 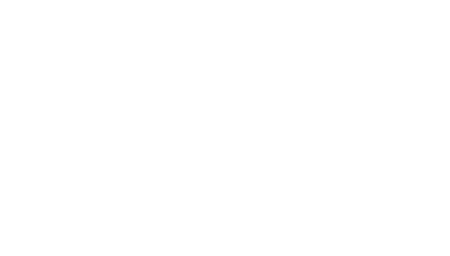 I want to click on 'served with rice, beans and 16 flour or corn tortillas (serves 6 to 8) for $55.00', so click(x=112, y=38).